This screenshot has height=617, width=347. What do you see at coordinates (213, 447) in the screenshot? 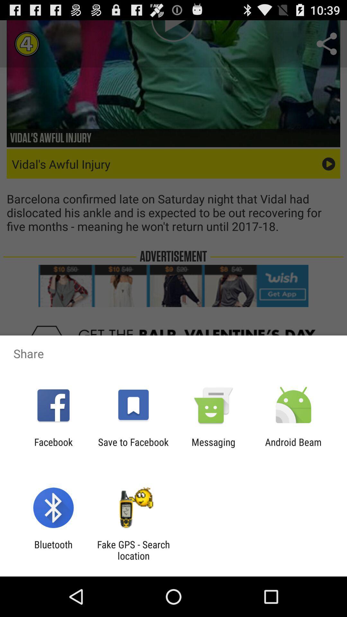
I see `messaging icon` at bounding box center [213, 447].